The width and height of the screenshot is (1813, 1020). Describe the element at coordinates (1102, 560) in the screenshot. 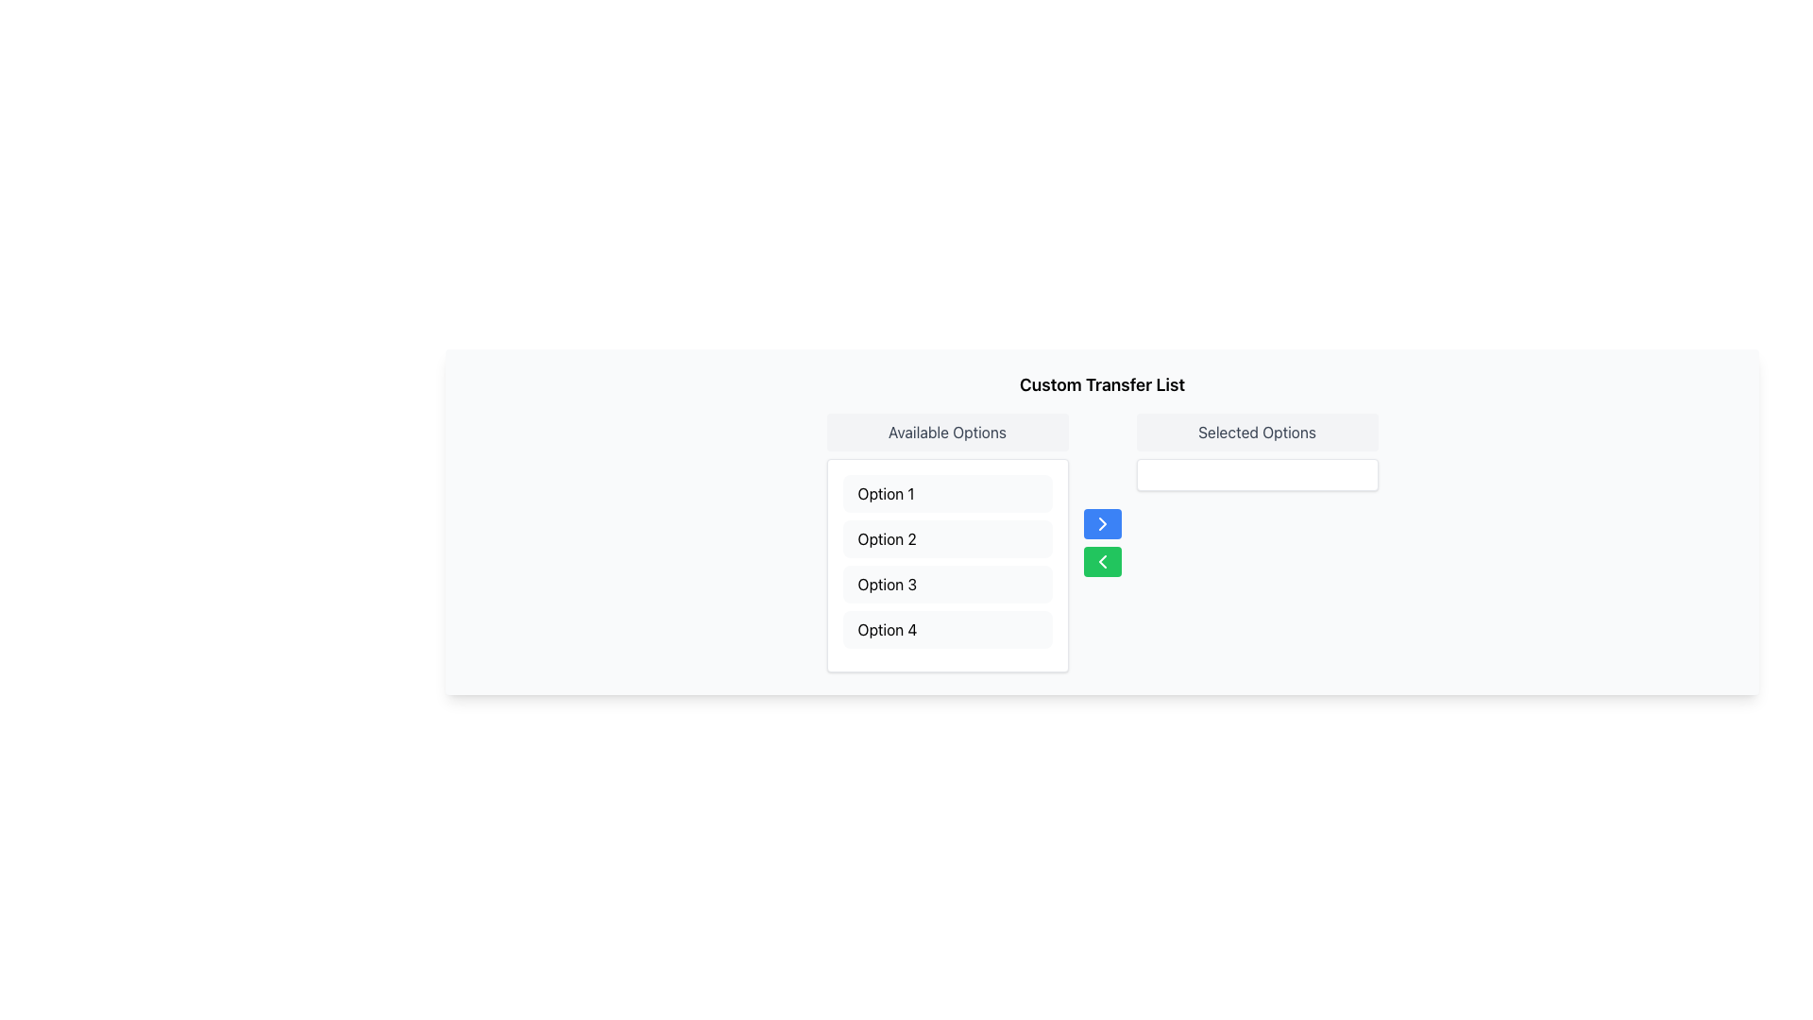

I see `the leftward-pointing chevron-shaped SVG icon located within a button in the bottom-right area of the 'Available Options' section` at that location.